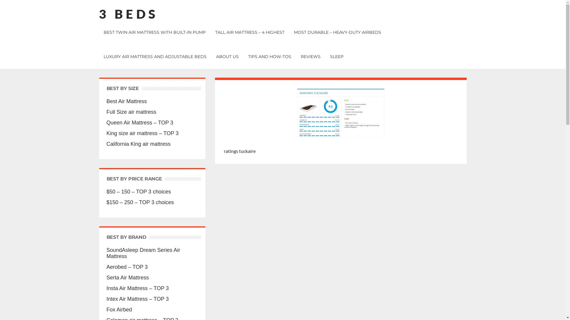  What do you see at coordinates (152, 144) in the screenshot?
I see `'California King air mattress'` at bounding box center [152, 144].